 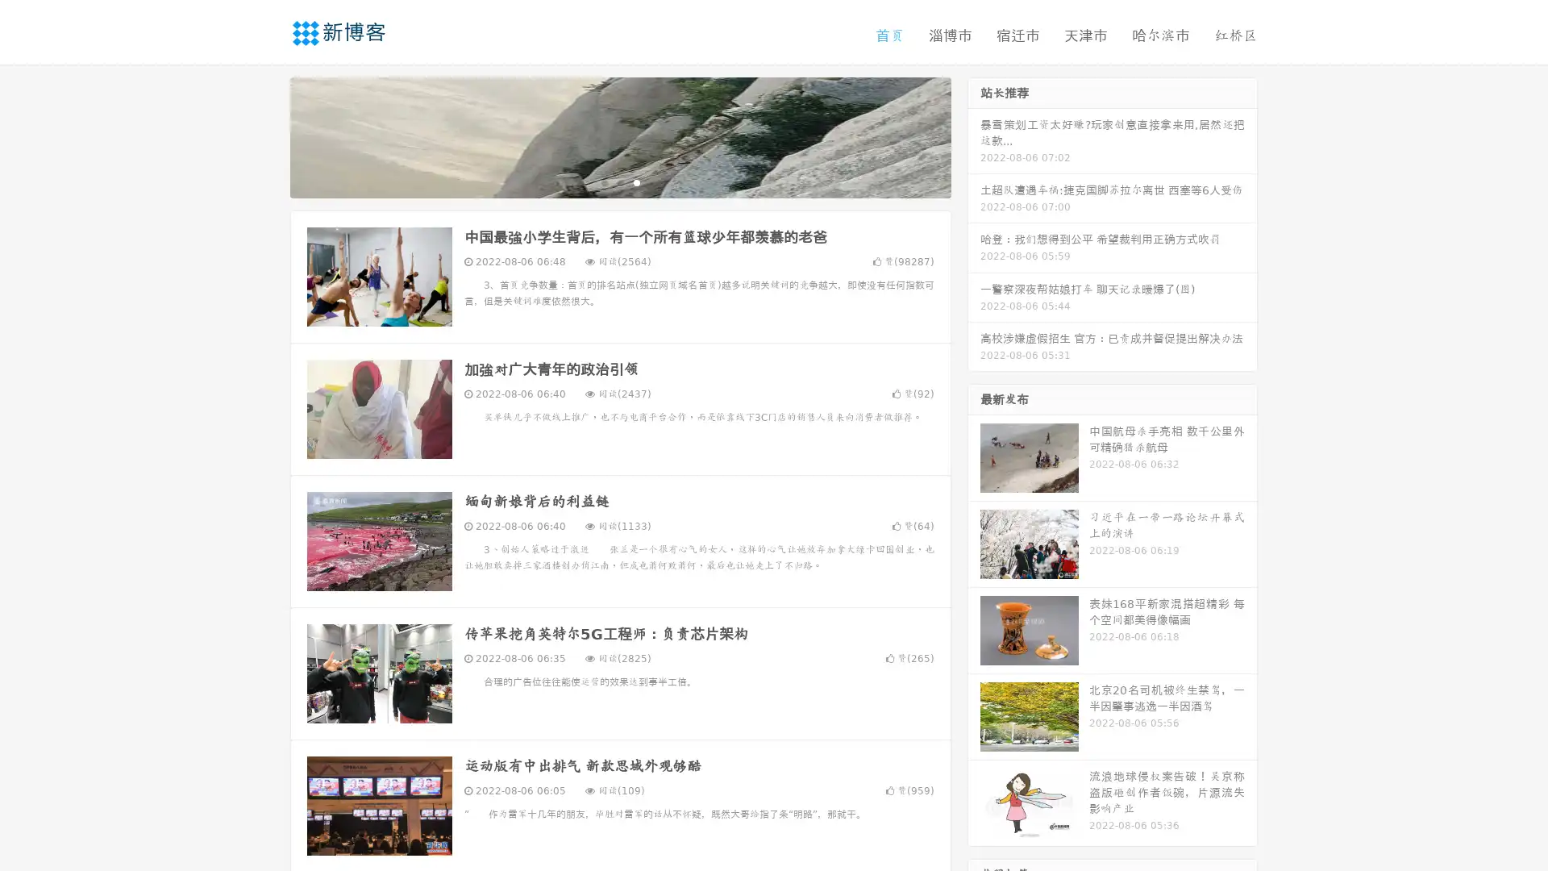 What do you see at coordinates (603, 181) in the screenshot?
I see `Go to slide 1` at bounding box center [603, 181].